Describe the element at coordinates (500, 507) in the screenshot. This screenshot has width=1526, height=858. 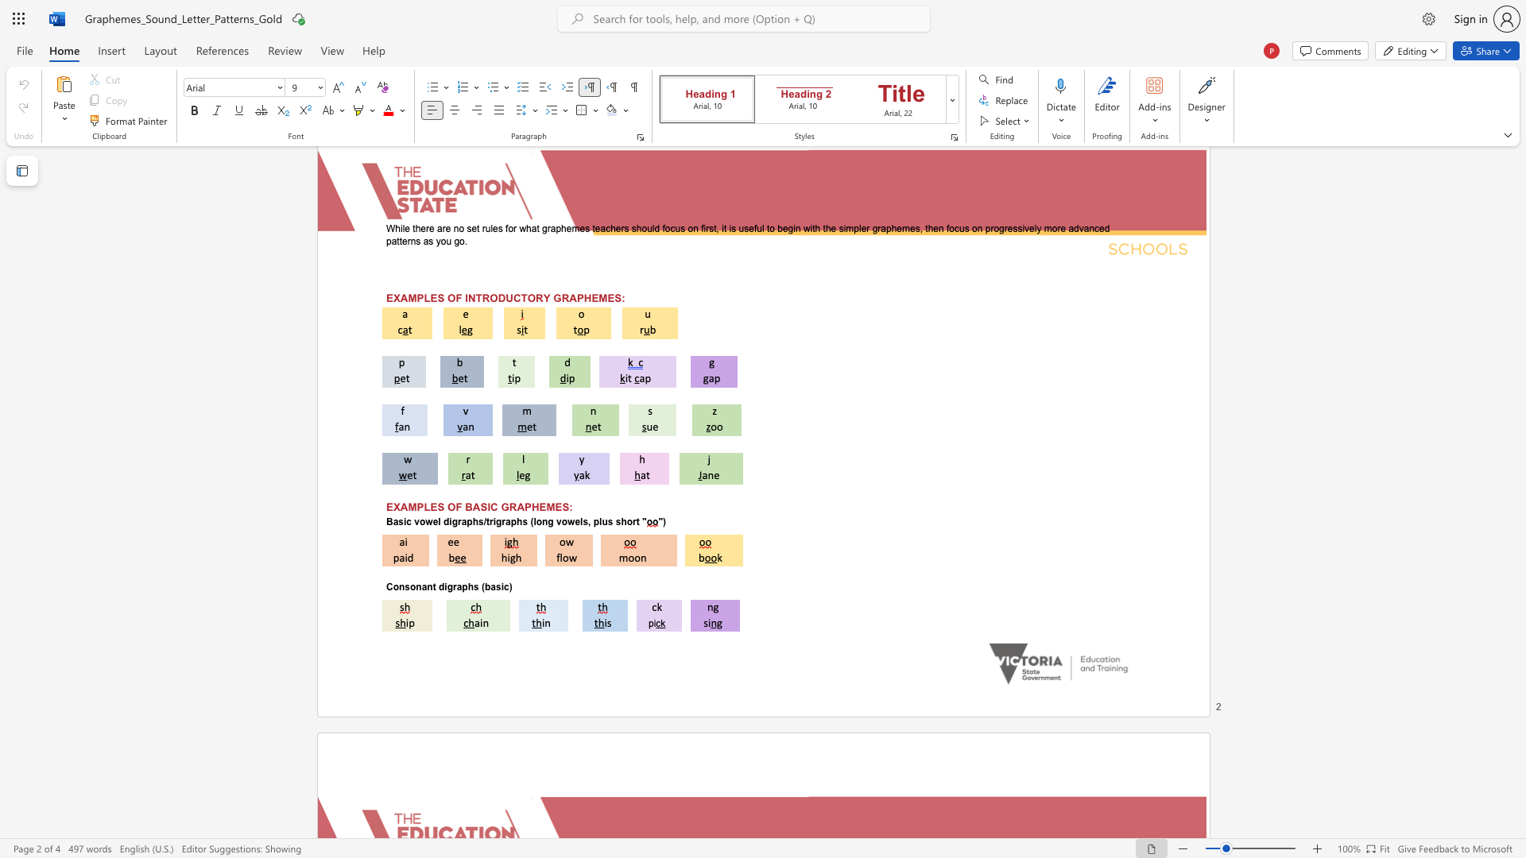
I see `the subset text "GR" within the text "EXAMPLES OF BASIC GRAPHEMES:"` at that location.